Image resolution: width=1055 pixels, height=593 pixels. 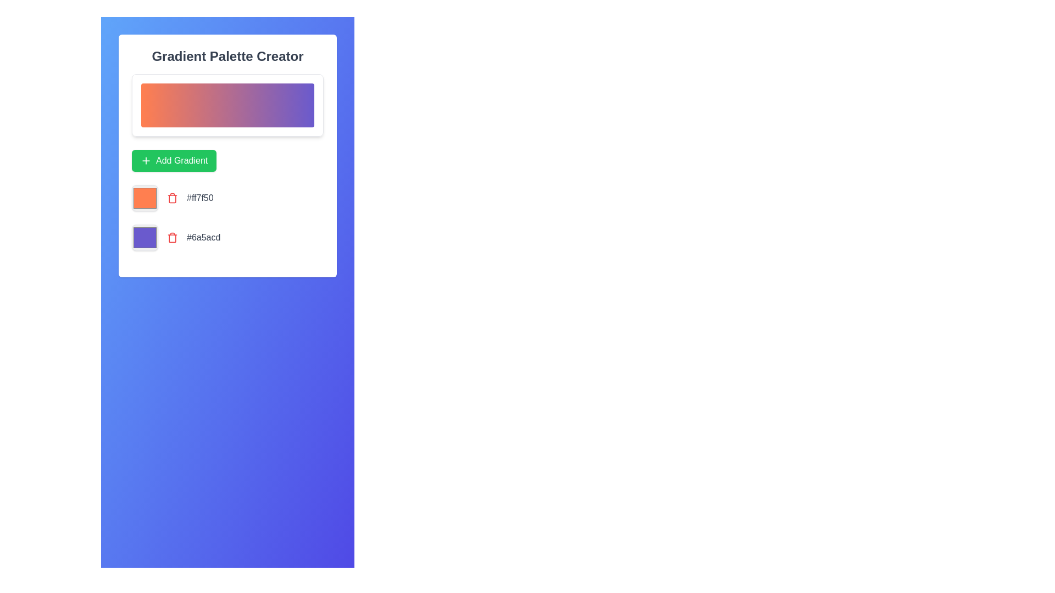 I want to click on the text label displaying the hexadecimal color code, which is positioned to the right of the color swatch and to the left of the delete icon in the color entry row, so click(x=200, y=198).